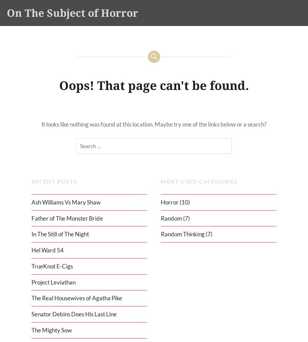  I want to click on 'Recent Posts', so click(54, 181).